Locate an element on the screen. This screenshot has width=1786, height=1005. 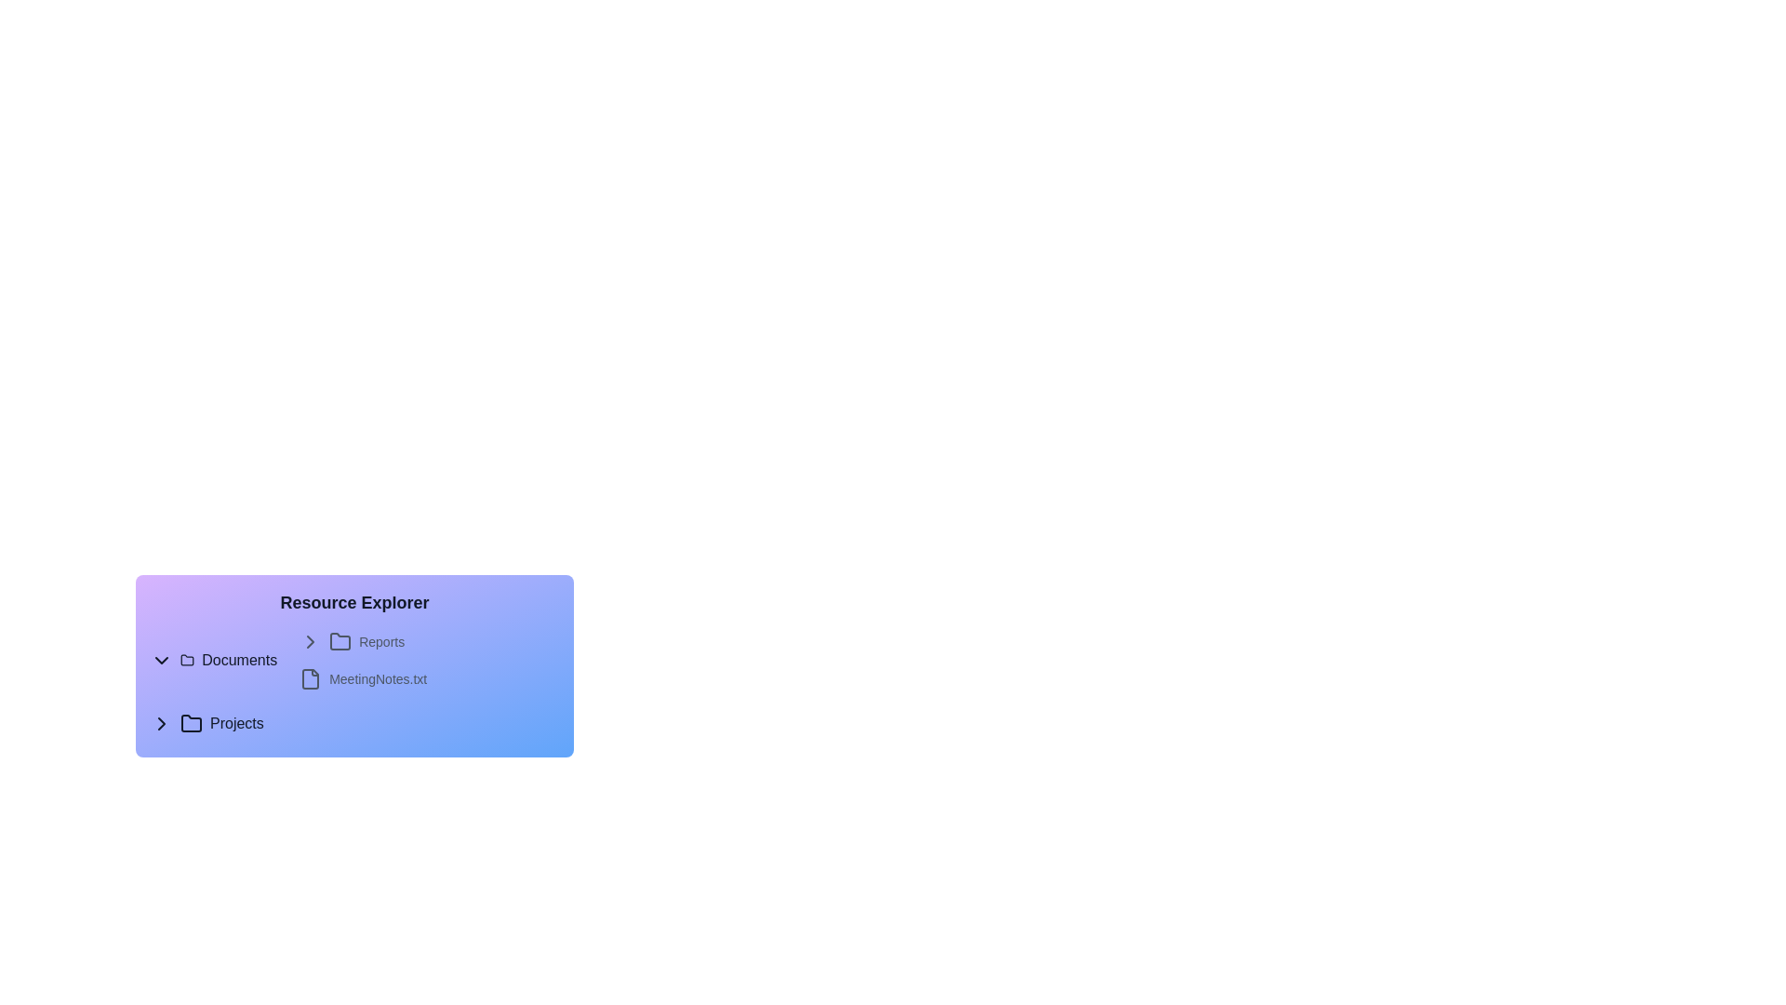
the Dropdown toggle icon is located at coordinates (161, 659).